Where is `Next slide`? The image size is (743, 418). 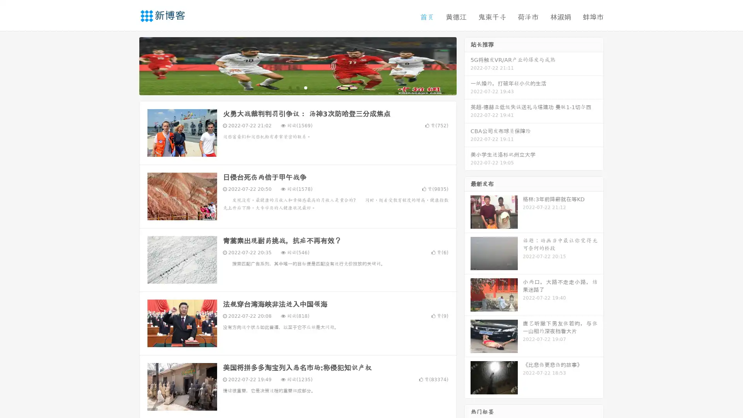 Next slide is located at coordinates (467, 65).